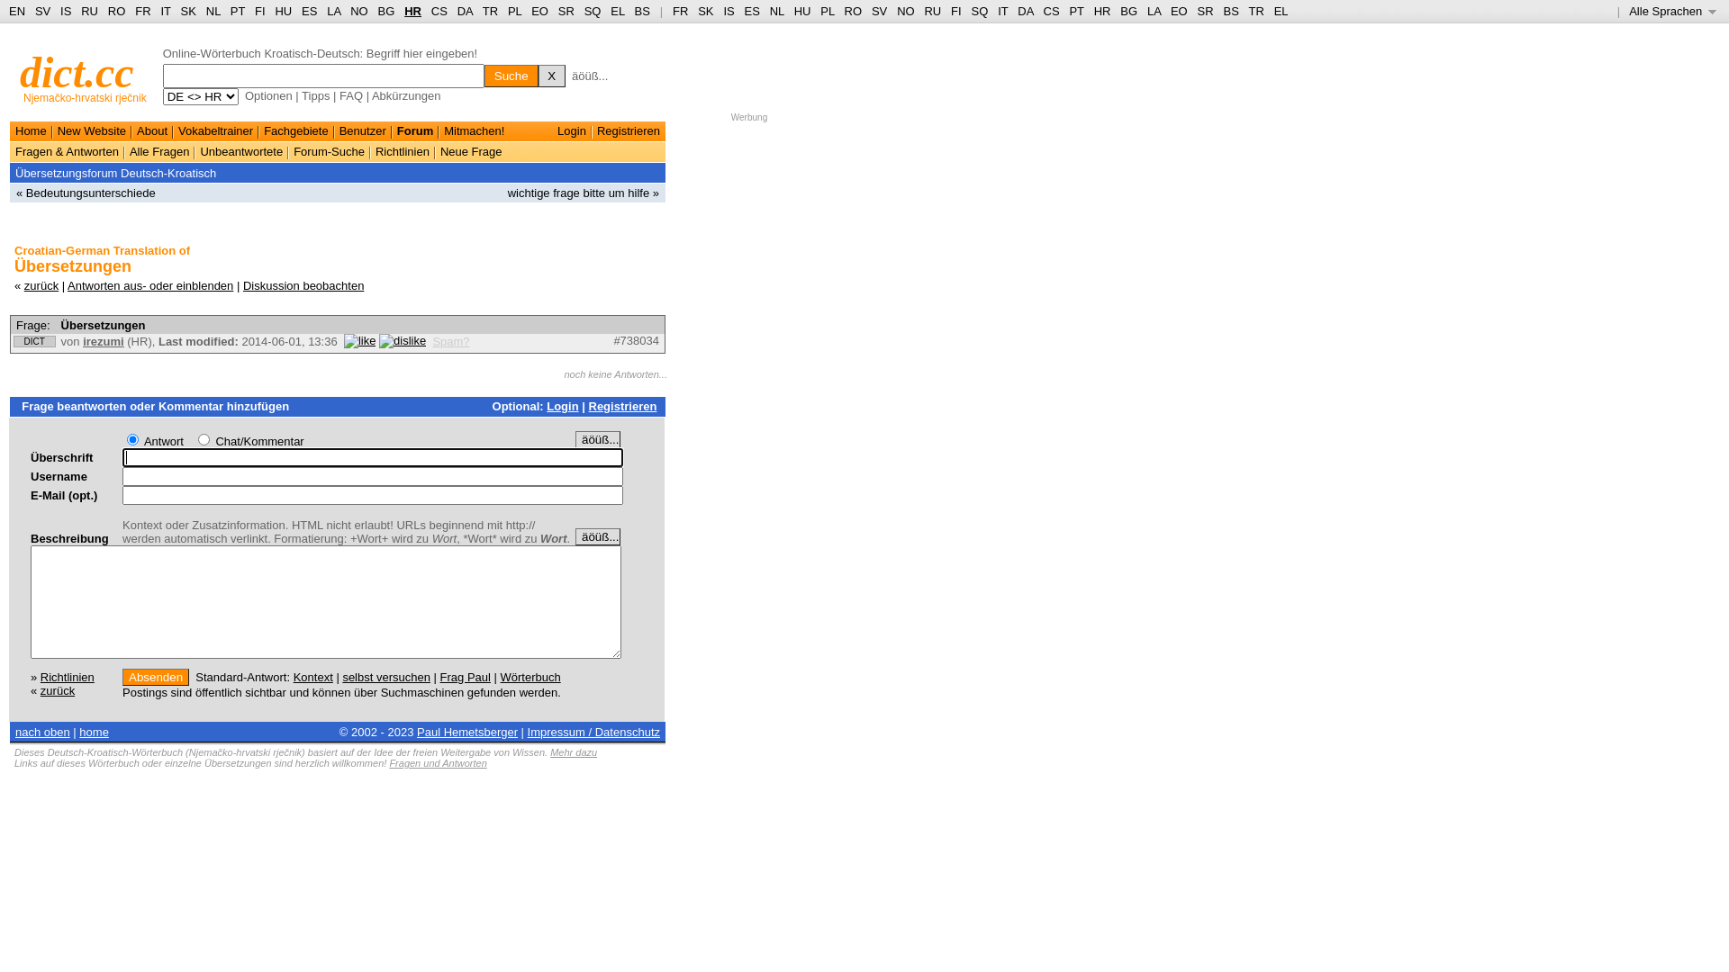  Describe the element at coordinates (513, 11) in the screenshot. I see `'PL'` at that location.